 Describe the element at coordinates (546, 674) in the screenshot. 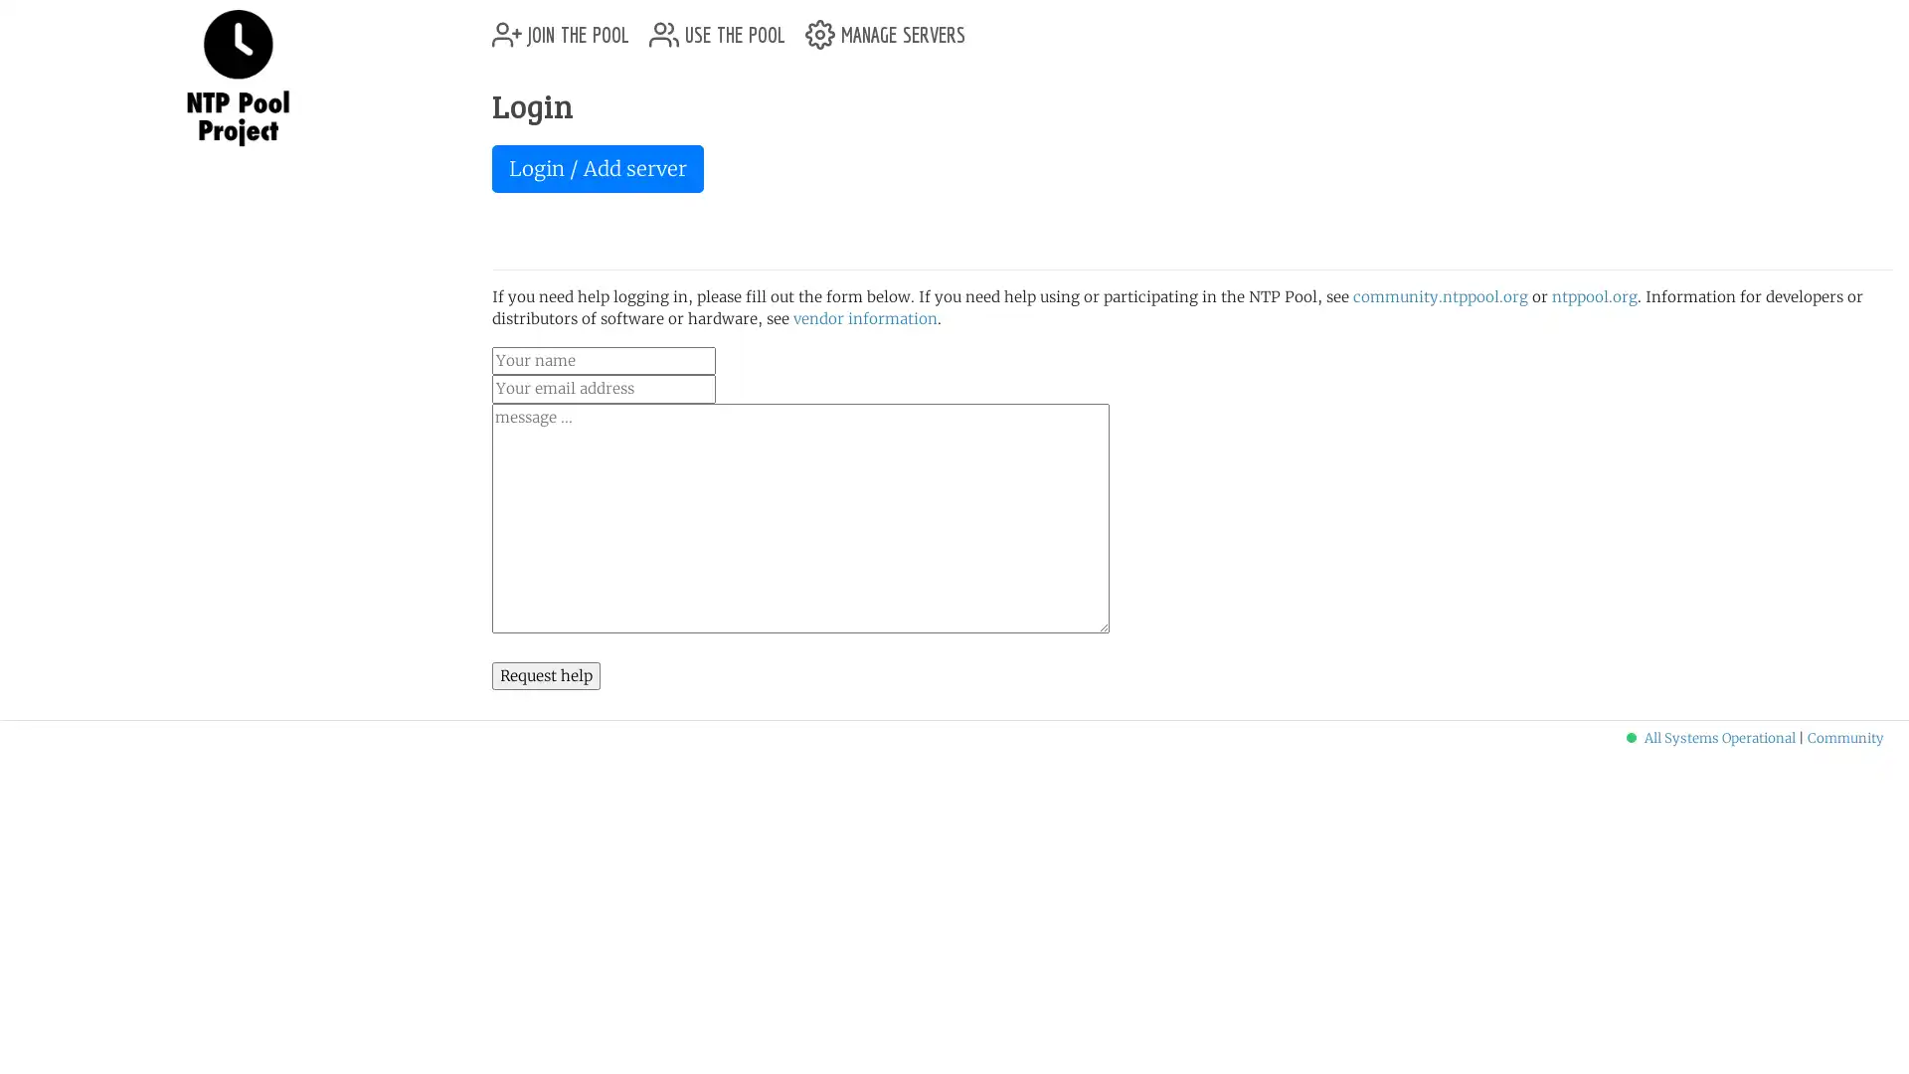

I see `Request help` at that location.